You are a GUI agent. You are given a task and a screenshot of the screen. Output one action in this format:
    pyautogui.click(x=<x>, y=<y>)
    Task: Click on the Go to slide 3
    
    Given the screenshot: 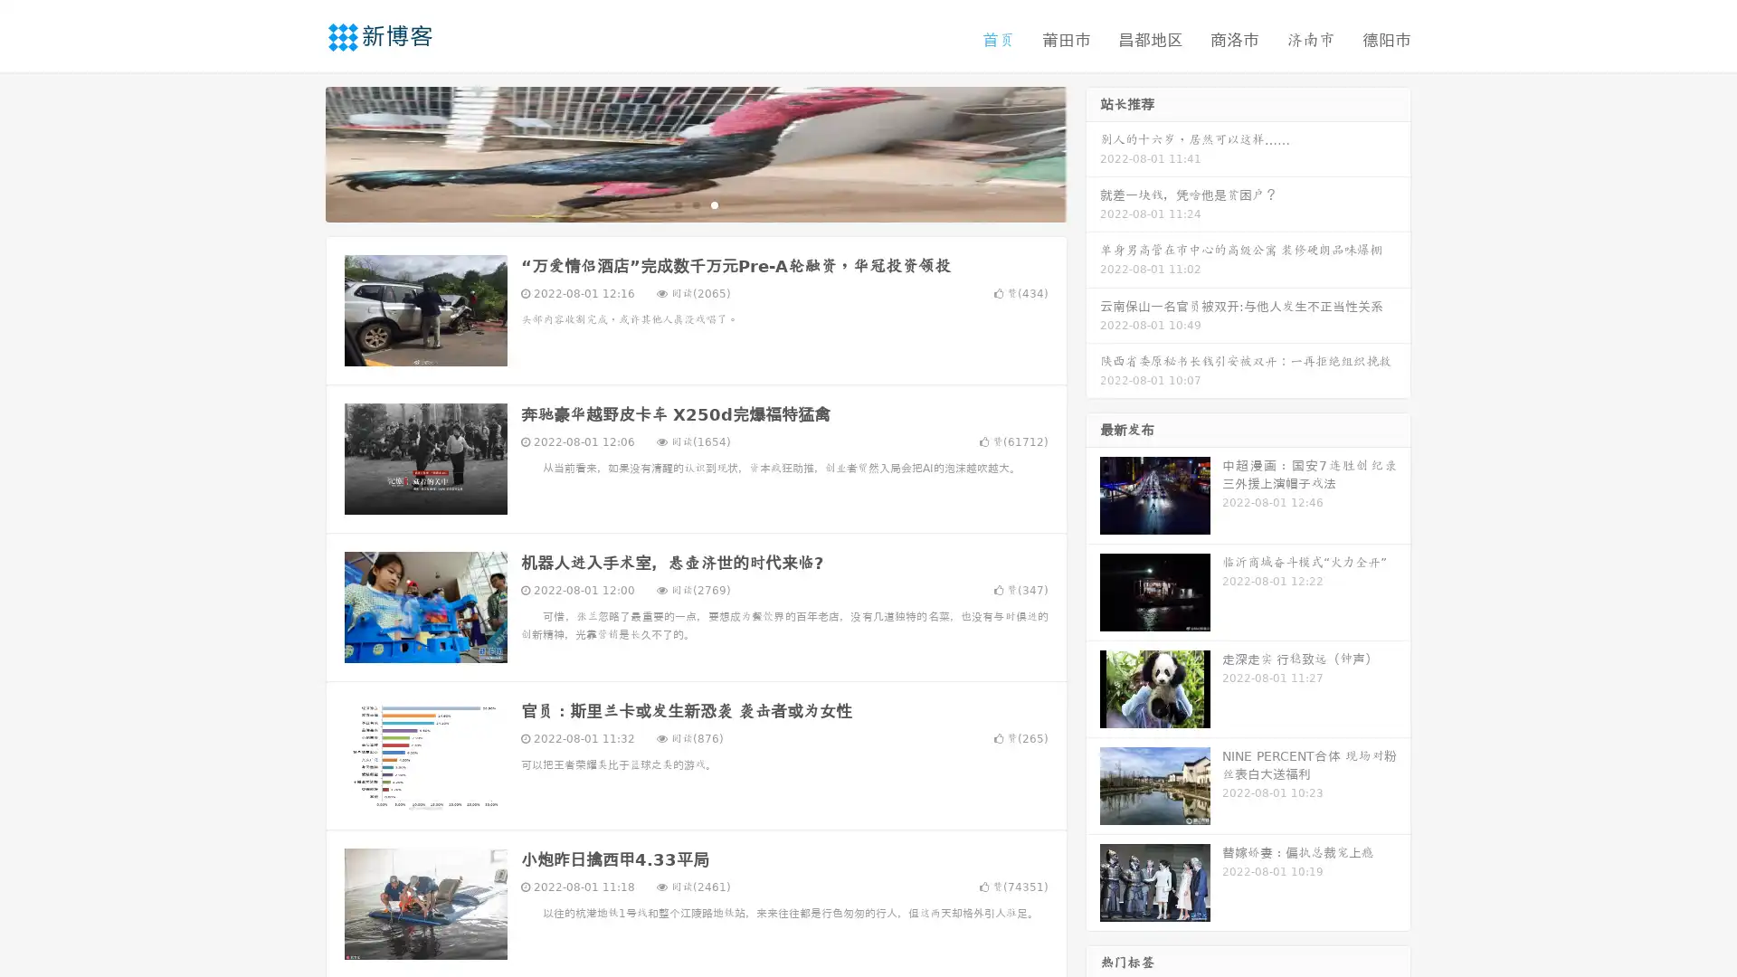 What is the action you would take?
    pyautogui.click(x=714, y=204)
    